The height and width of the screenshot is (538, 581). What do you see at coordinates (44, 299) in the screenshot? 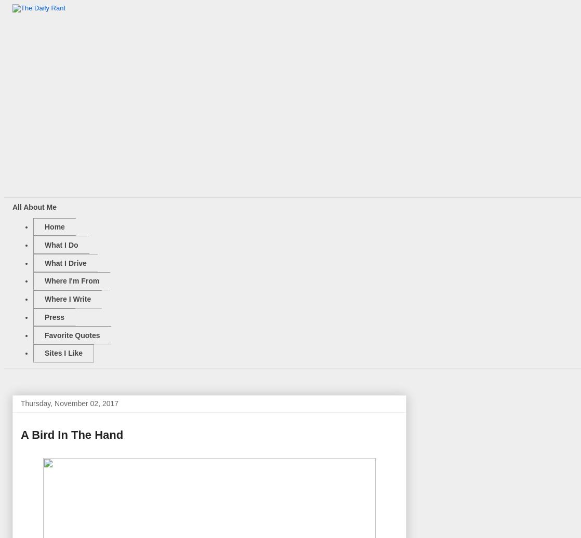
I see `'Where I Write'` at bounding box center [44, 299].